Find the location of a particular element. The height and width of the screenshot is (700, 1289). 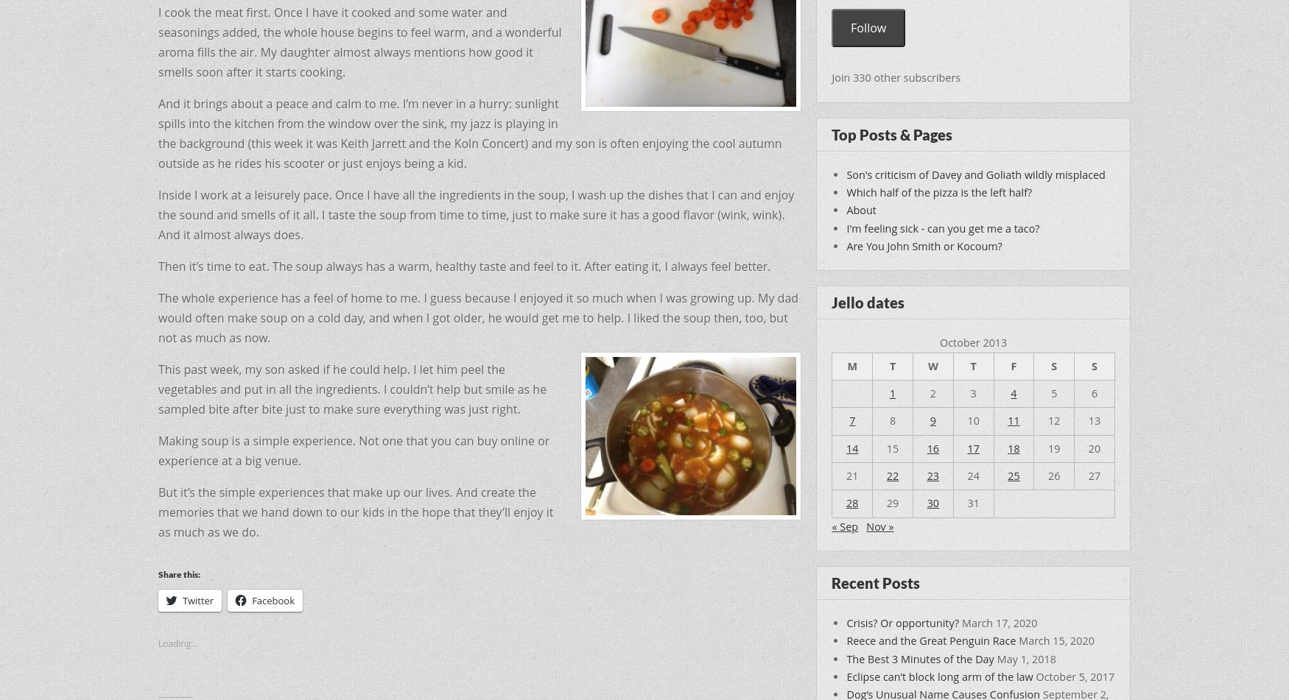

'17' is located at coordinates (973, 447).